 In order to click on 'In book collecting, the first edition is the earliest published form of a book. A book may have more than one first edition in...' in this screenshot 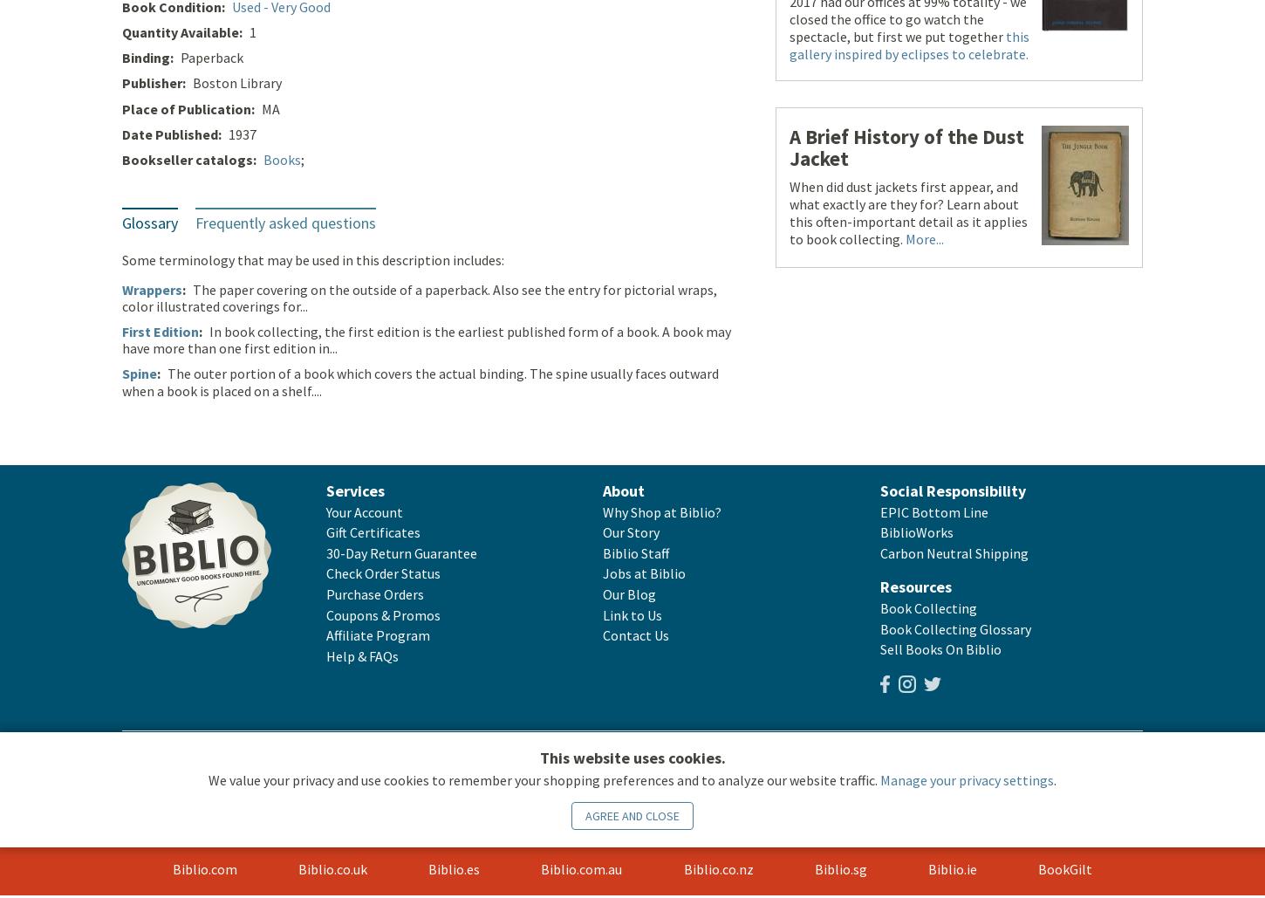, I will do `click(426, 340)`.